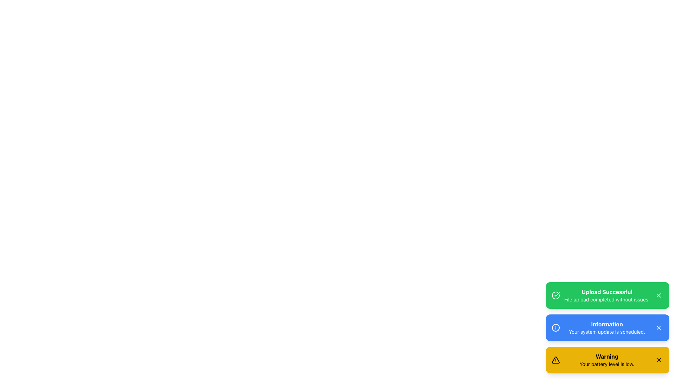  Describe the element at coordinates (606, 299) in the screenshot. I see `the text element that provides additional information about the successful file upload, located below the primary heading 'Upload Successful' in the green notification box` at that location.